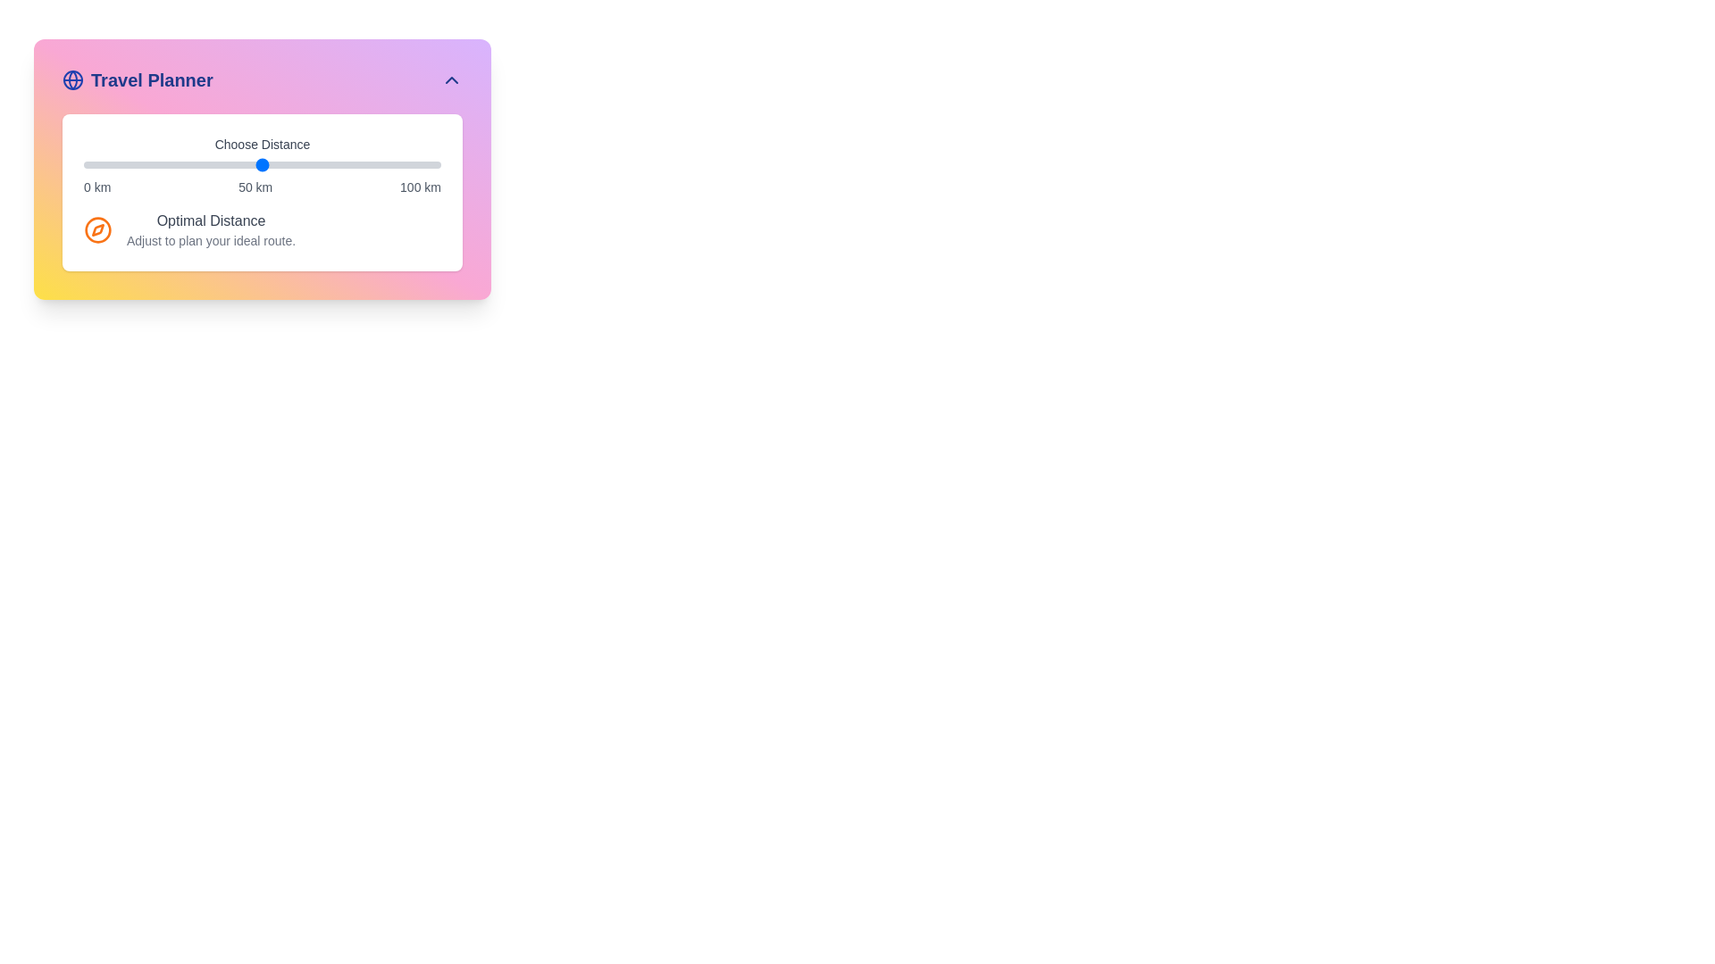 This screenshot has height=964, width=1715. I want to click on the 'Optimal Distance' icon located in the top-left part of the 'Travel Planner' card, so click(97, 229).